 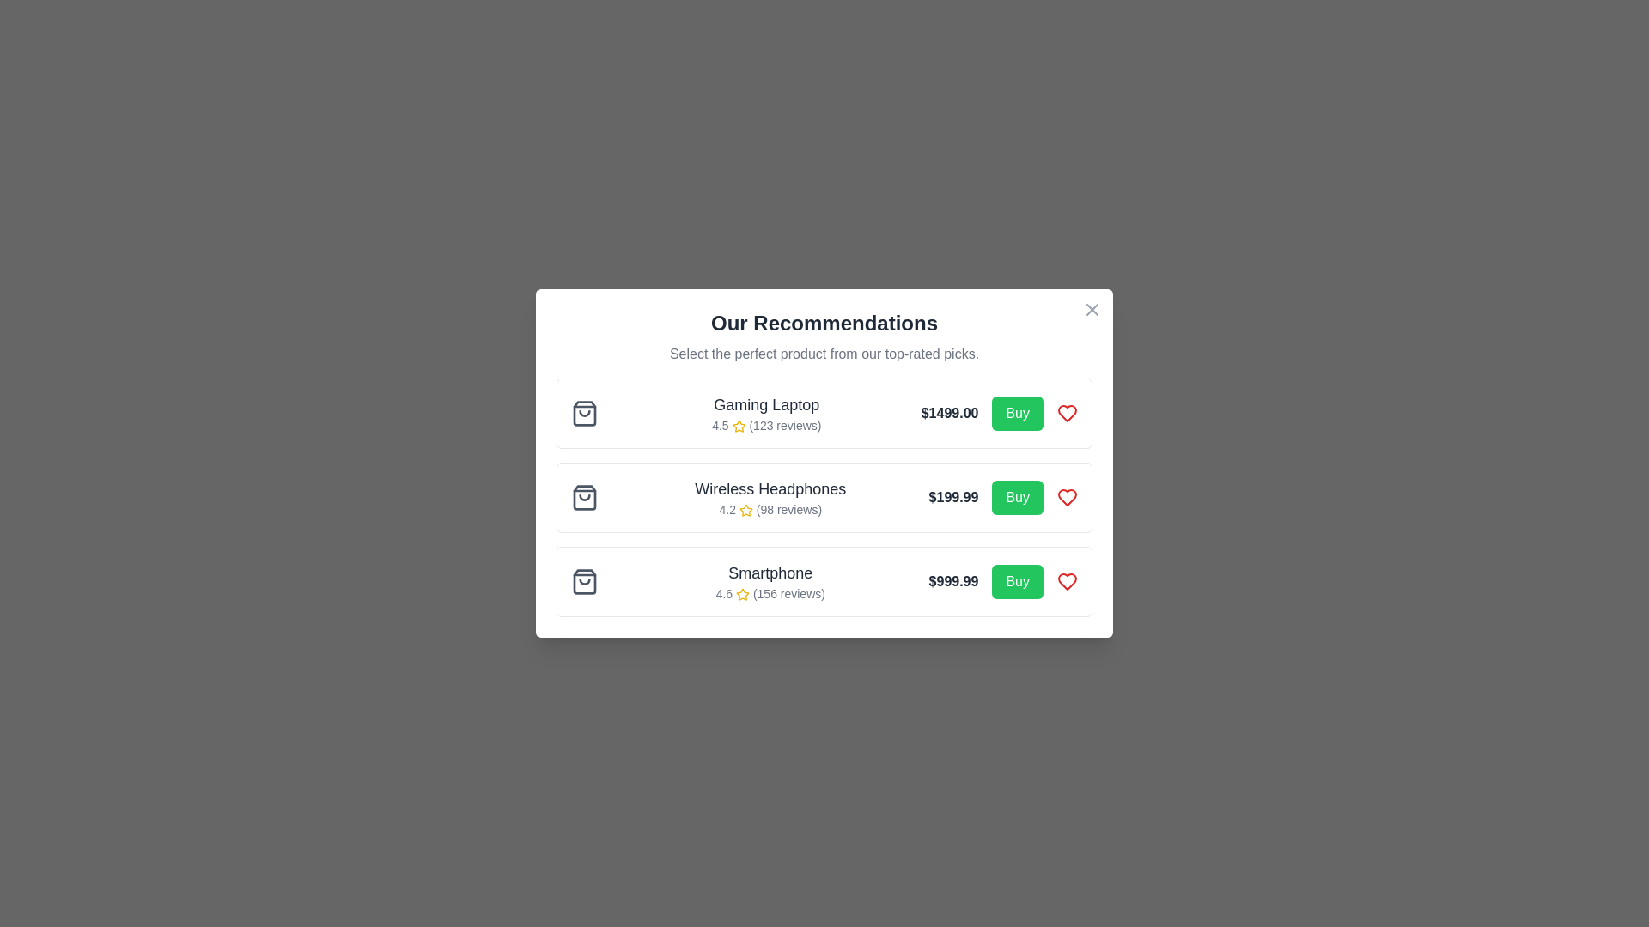 I want to click on the first star icon representing the product's rating, located to the left of the product price and near the textual rating information in the product list, so click(x=745, y=509).